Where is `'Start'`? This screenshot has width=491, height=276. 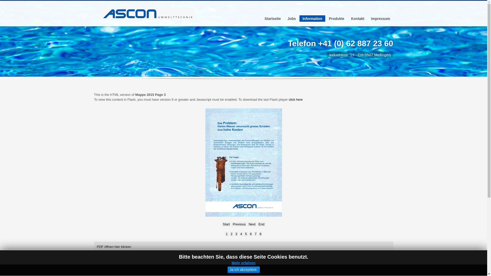
'Start' is located at coordinates (222, 224).